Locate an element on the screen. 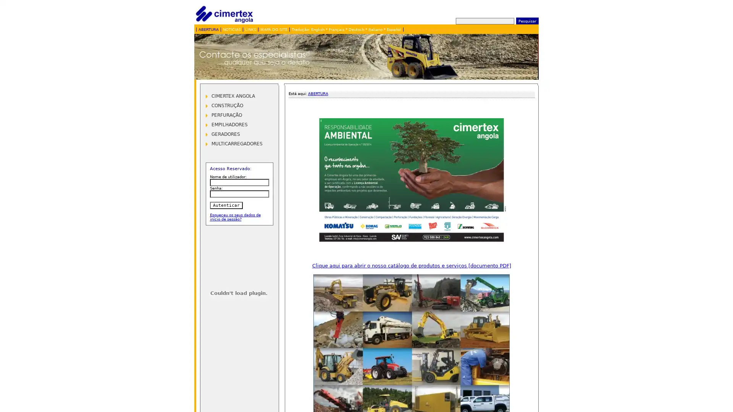 The image size is (733, 412). Pesquisar is located at coordinates (526, 20).